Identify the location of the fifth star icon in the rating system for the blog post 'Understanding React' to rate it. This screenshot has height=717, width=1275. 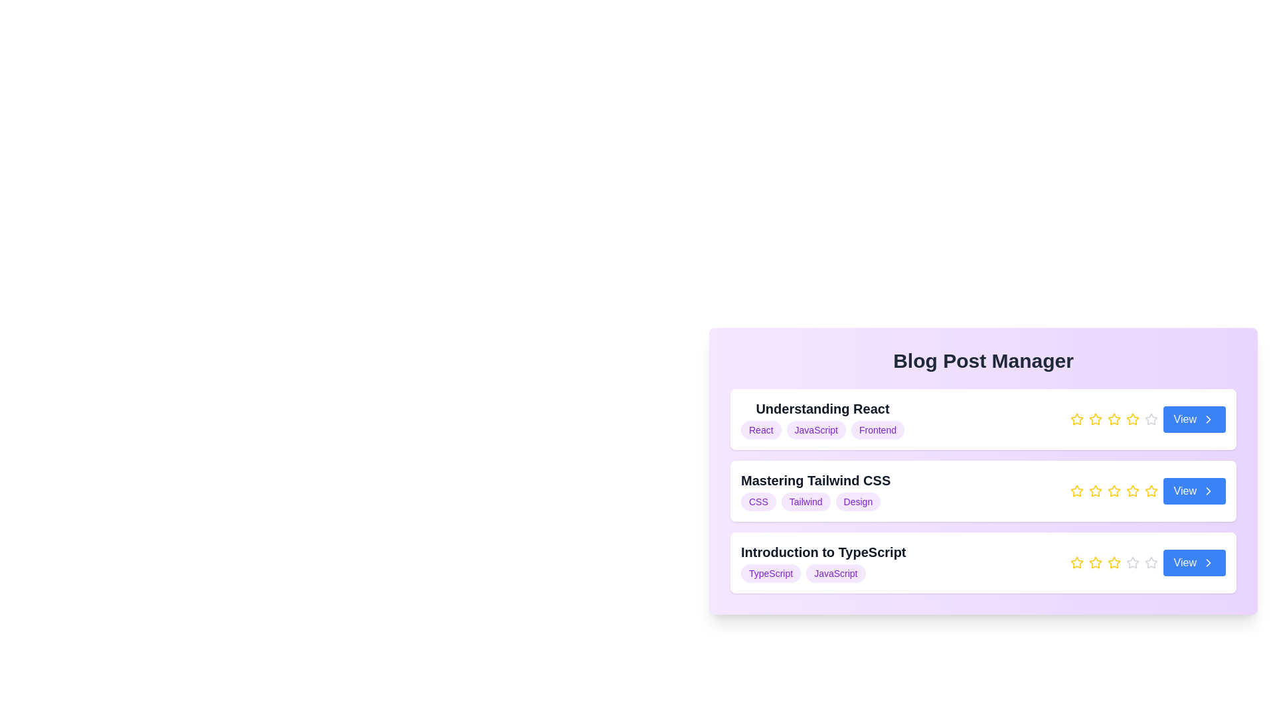
(1150, 419).